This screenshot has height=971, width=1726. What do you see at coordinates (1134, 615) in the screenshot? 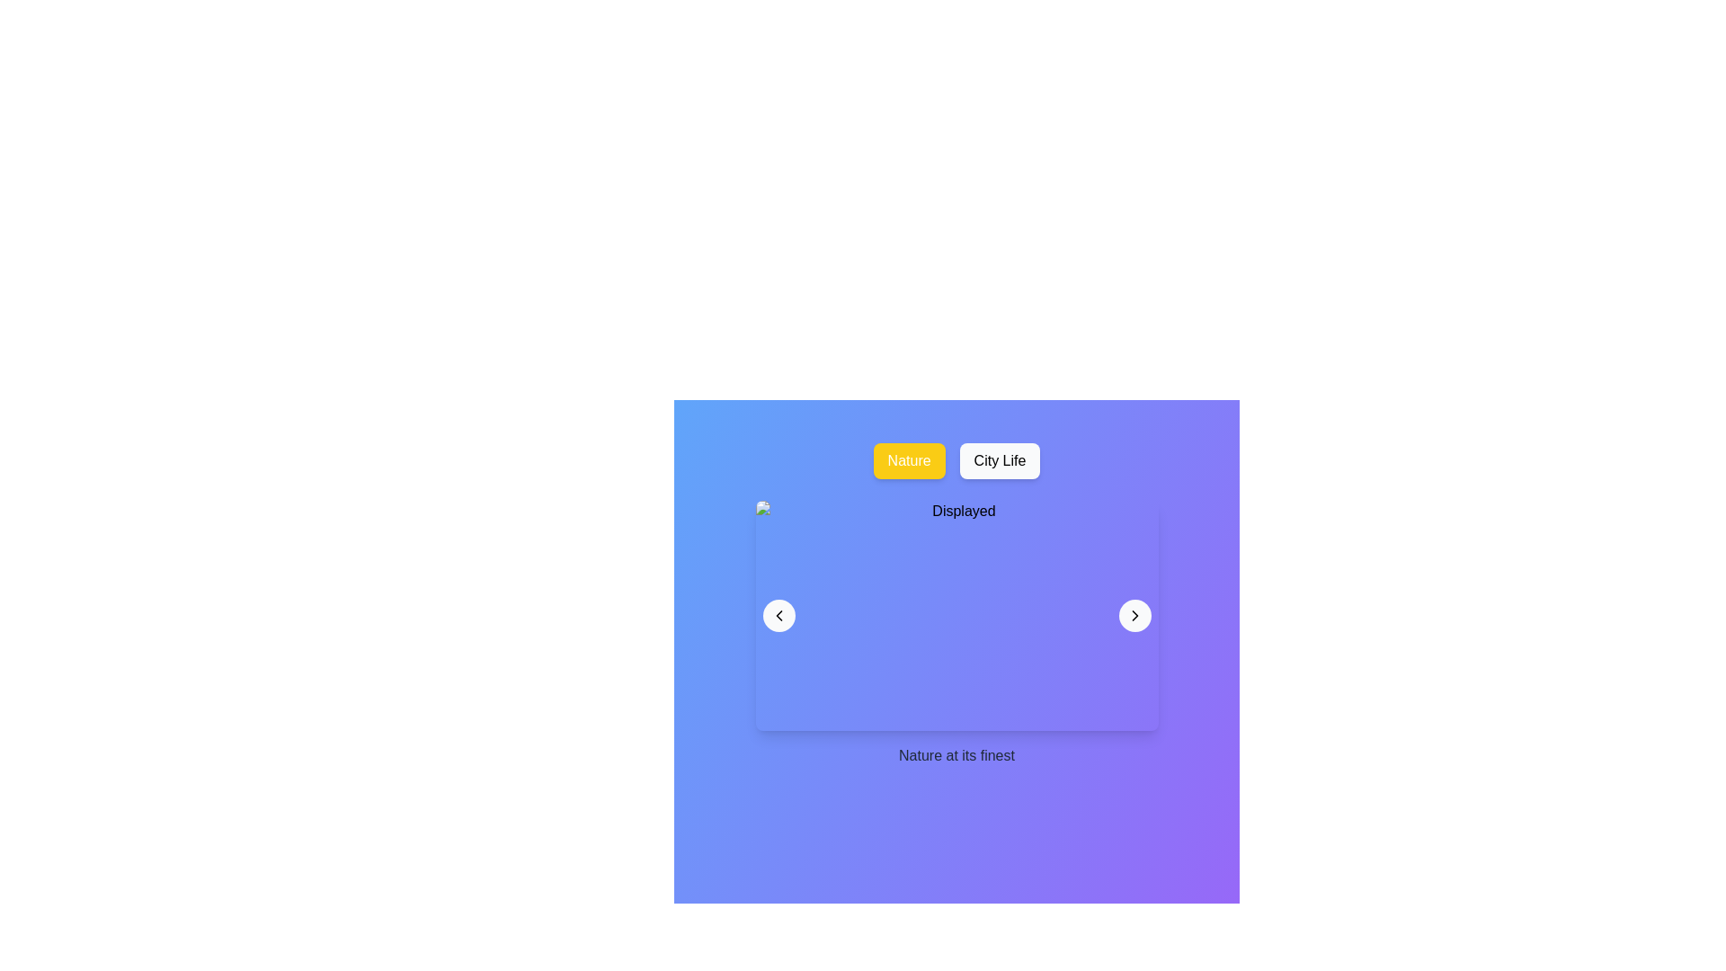
I see `the circular button with a light gray background and a black chevron pointing to the right` at bounding box center [1134, 615].